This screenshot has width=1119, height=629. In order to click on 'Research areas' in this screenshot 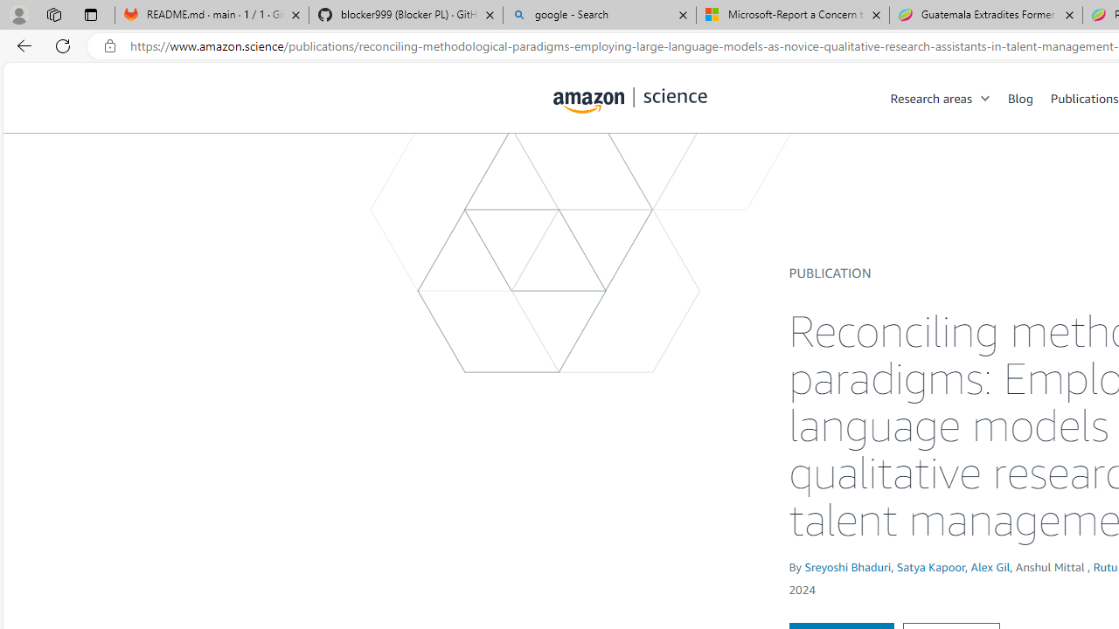, I will do `click(949, 97)`.